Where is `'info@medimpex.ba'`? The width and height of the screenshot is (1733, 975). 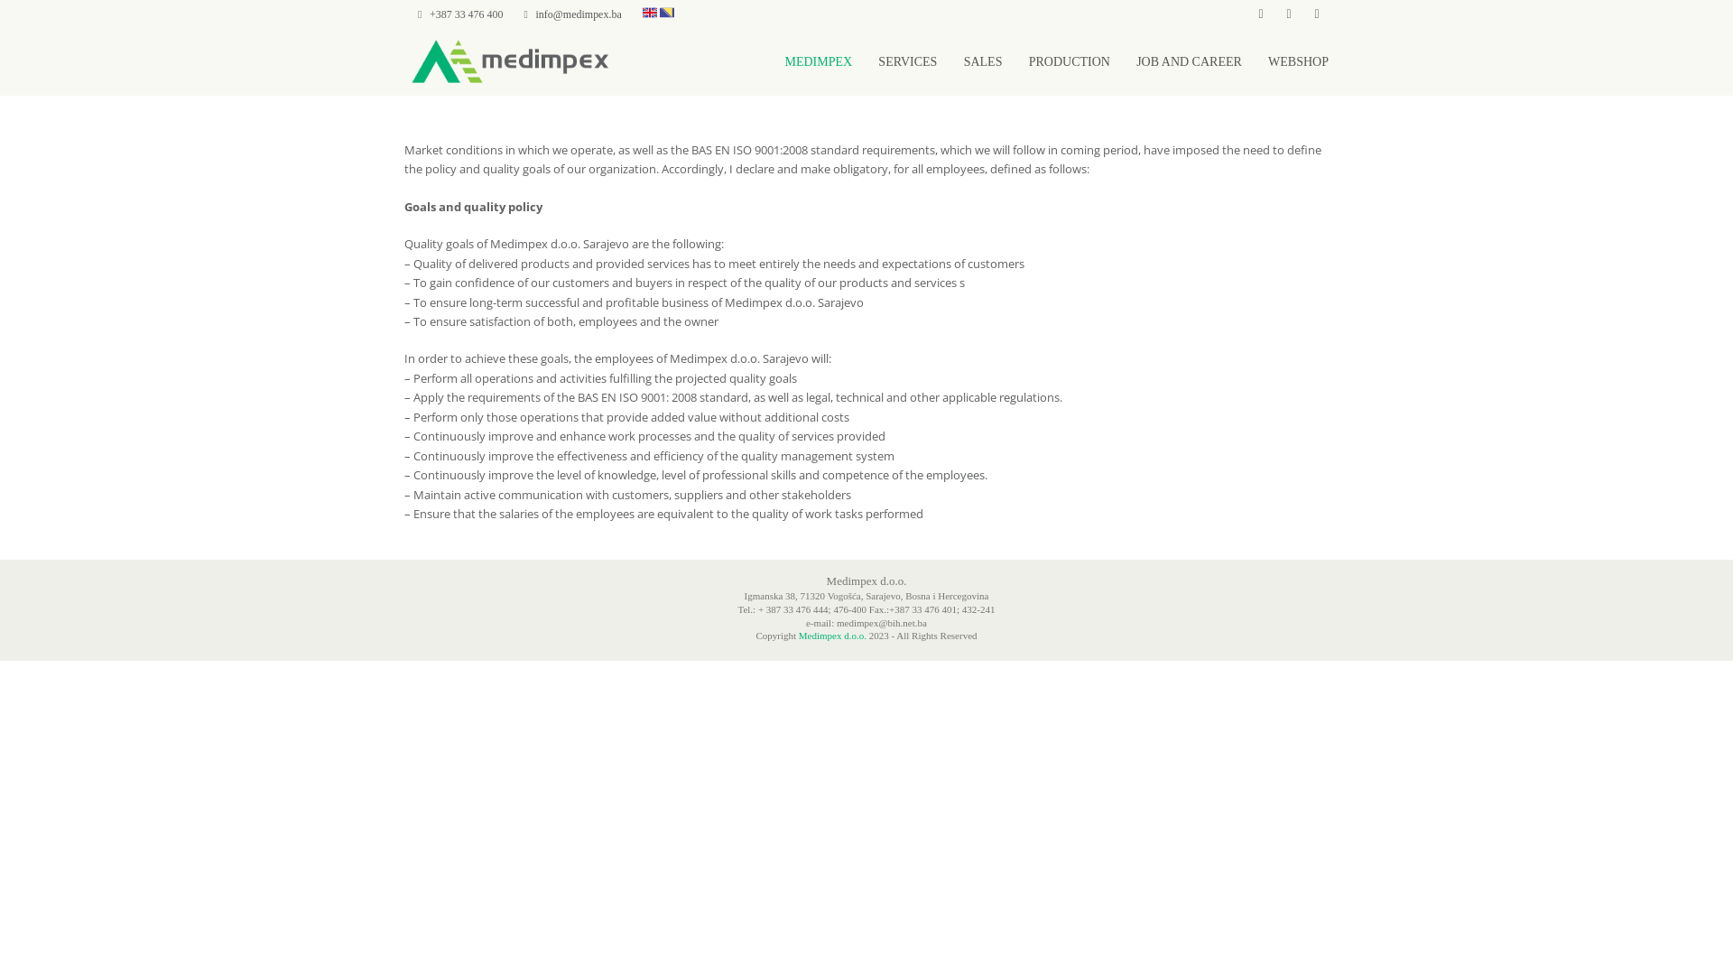
'info@medimpex.ba' is located at coordinates (535, 14).